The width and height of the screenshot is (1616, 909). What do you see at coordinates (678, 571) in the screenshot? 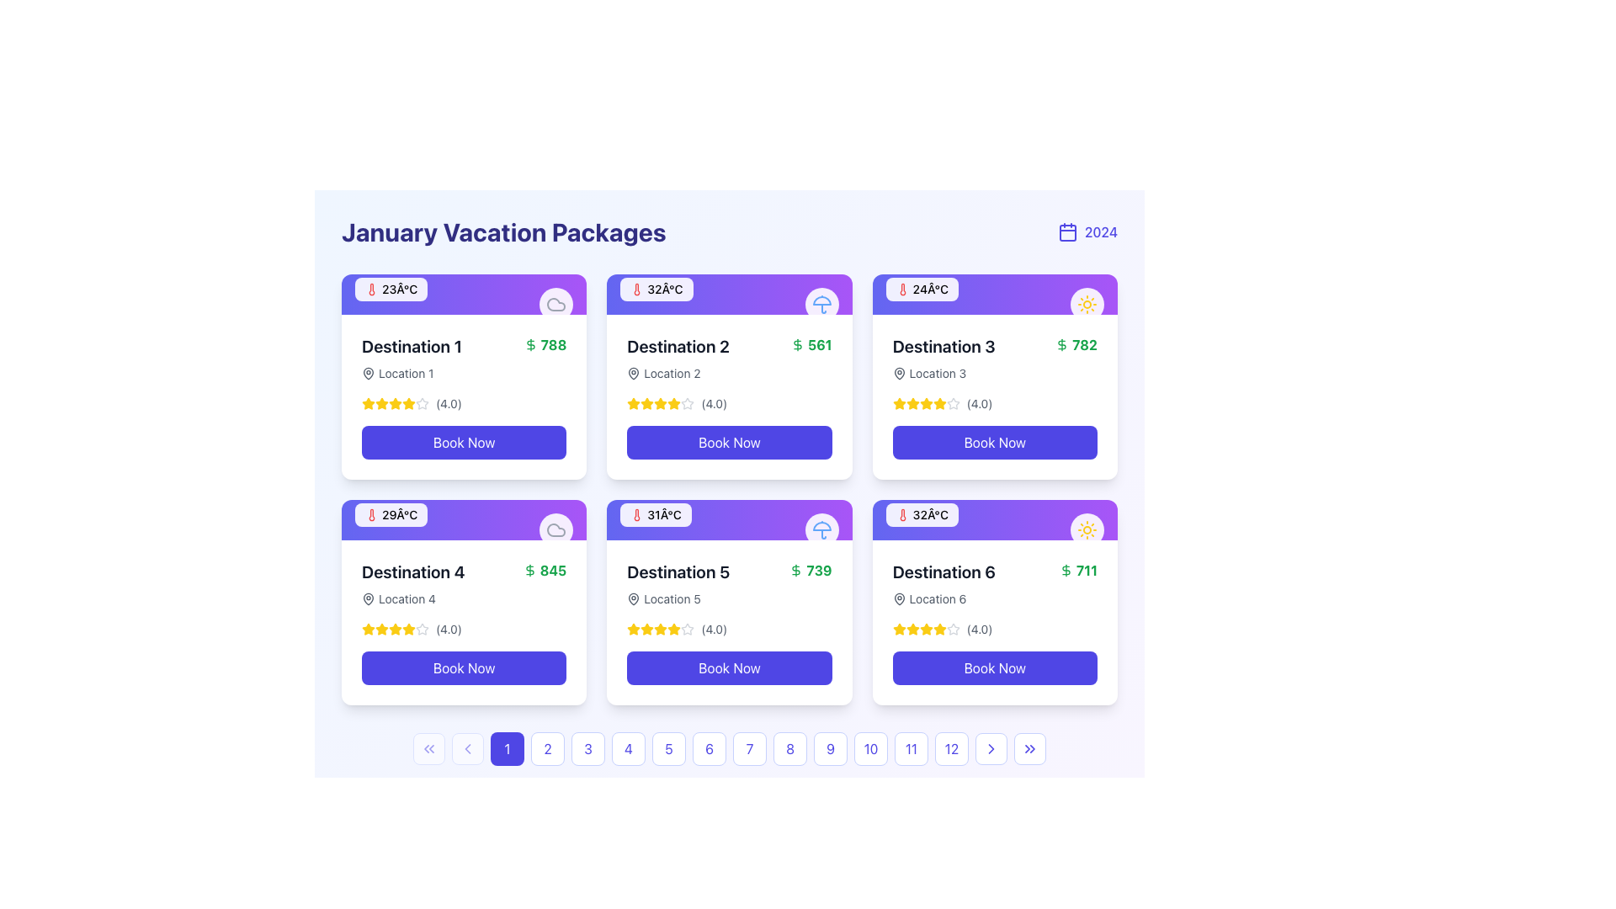
I see `text label displaying 'Destination 5' which is prominently positioned at the top of the fifth card in the grid layout of vacation packages` at bounding box center [678, 571].